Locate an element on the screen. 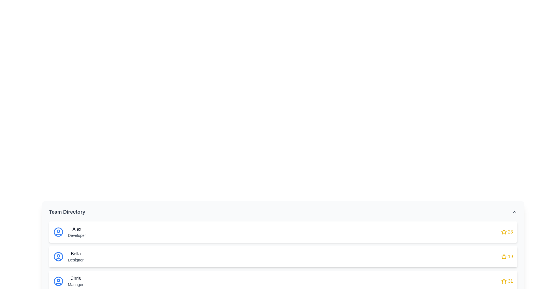 This screenshot has height=302, width=537. the favorite/rating indicator icon located in the second entry of the 'Team Directory' section for 'Bella,' a 'Designer,' positioned on the right end of the row adjacent to the numeric value '19.' is located at coordinates (504, 256).